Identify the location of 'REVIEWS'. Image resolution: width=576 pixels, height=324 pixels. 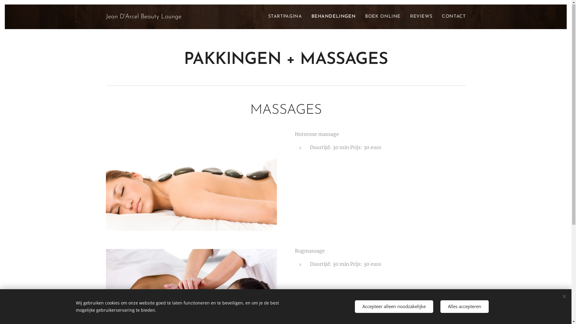
(405, 17).